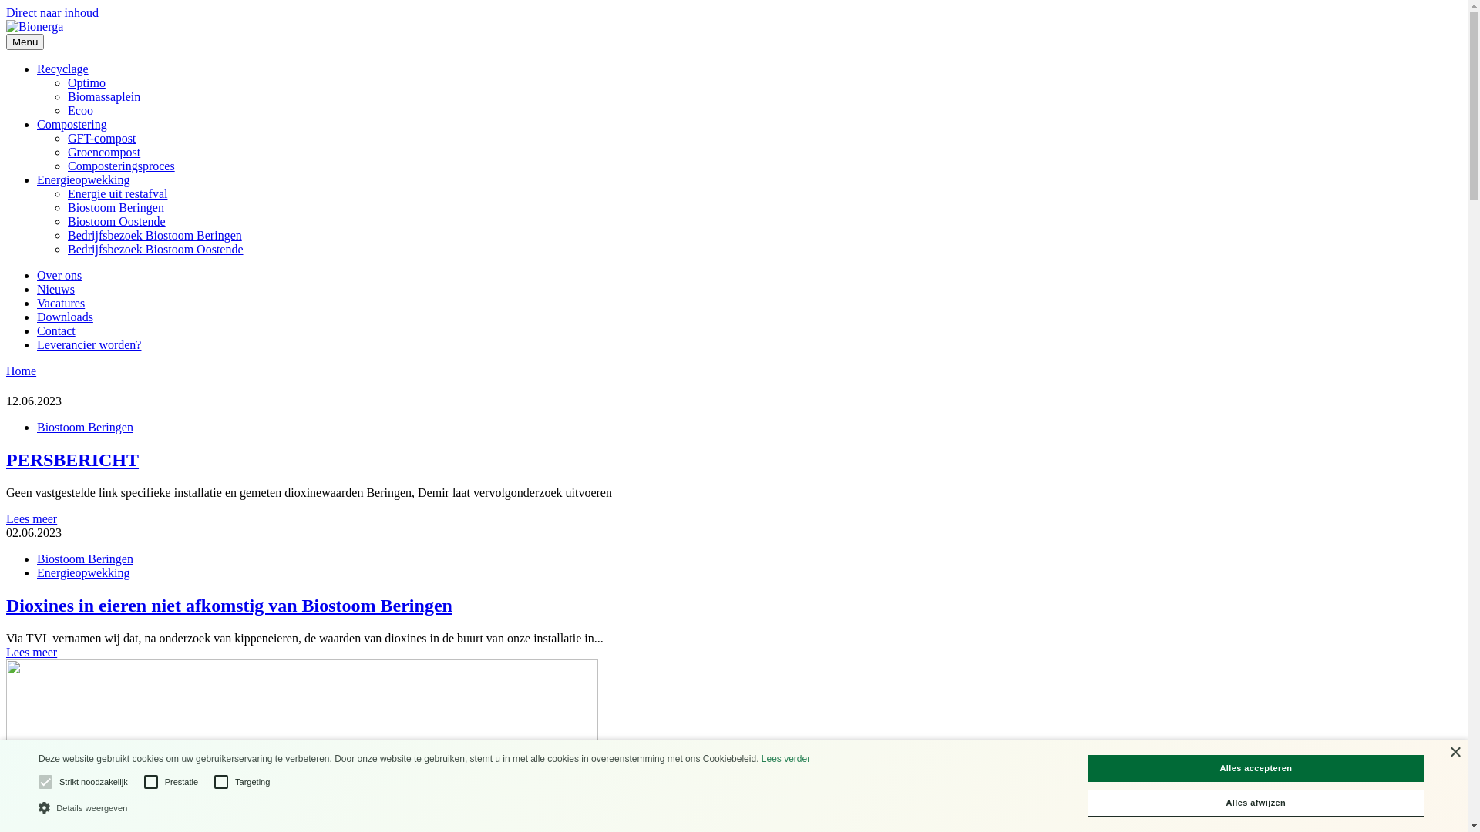 This screenshot has height=832, width=1480. What do you see at coordinates (66, 206) in the screenshot?
I see `'Biostoom Beringen'` at bounding box center [66, 206].